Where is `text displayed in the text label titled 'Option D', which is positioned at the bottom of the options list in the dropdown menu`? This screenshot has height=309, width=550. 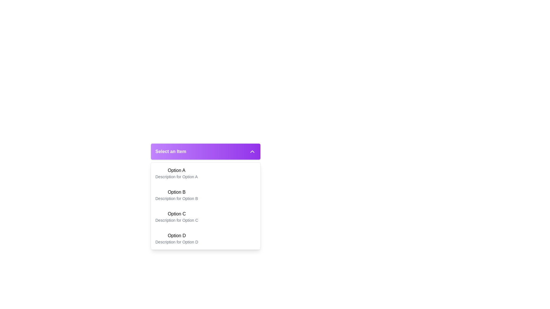 text displayed in the text label titled 'Option D', which is positioned at the bottom of the options list in the dropdown menu is located at coordinates (176, 236).